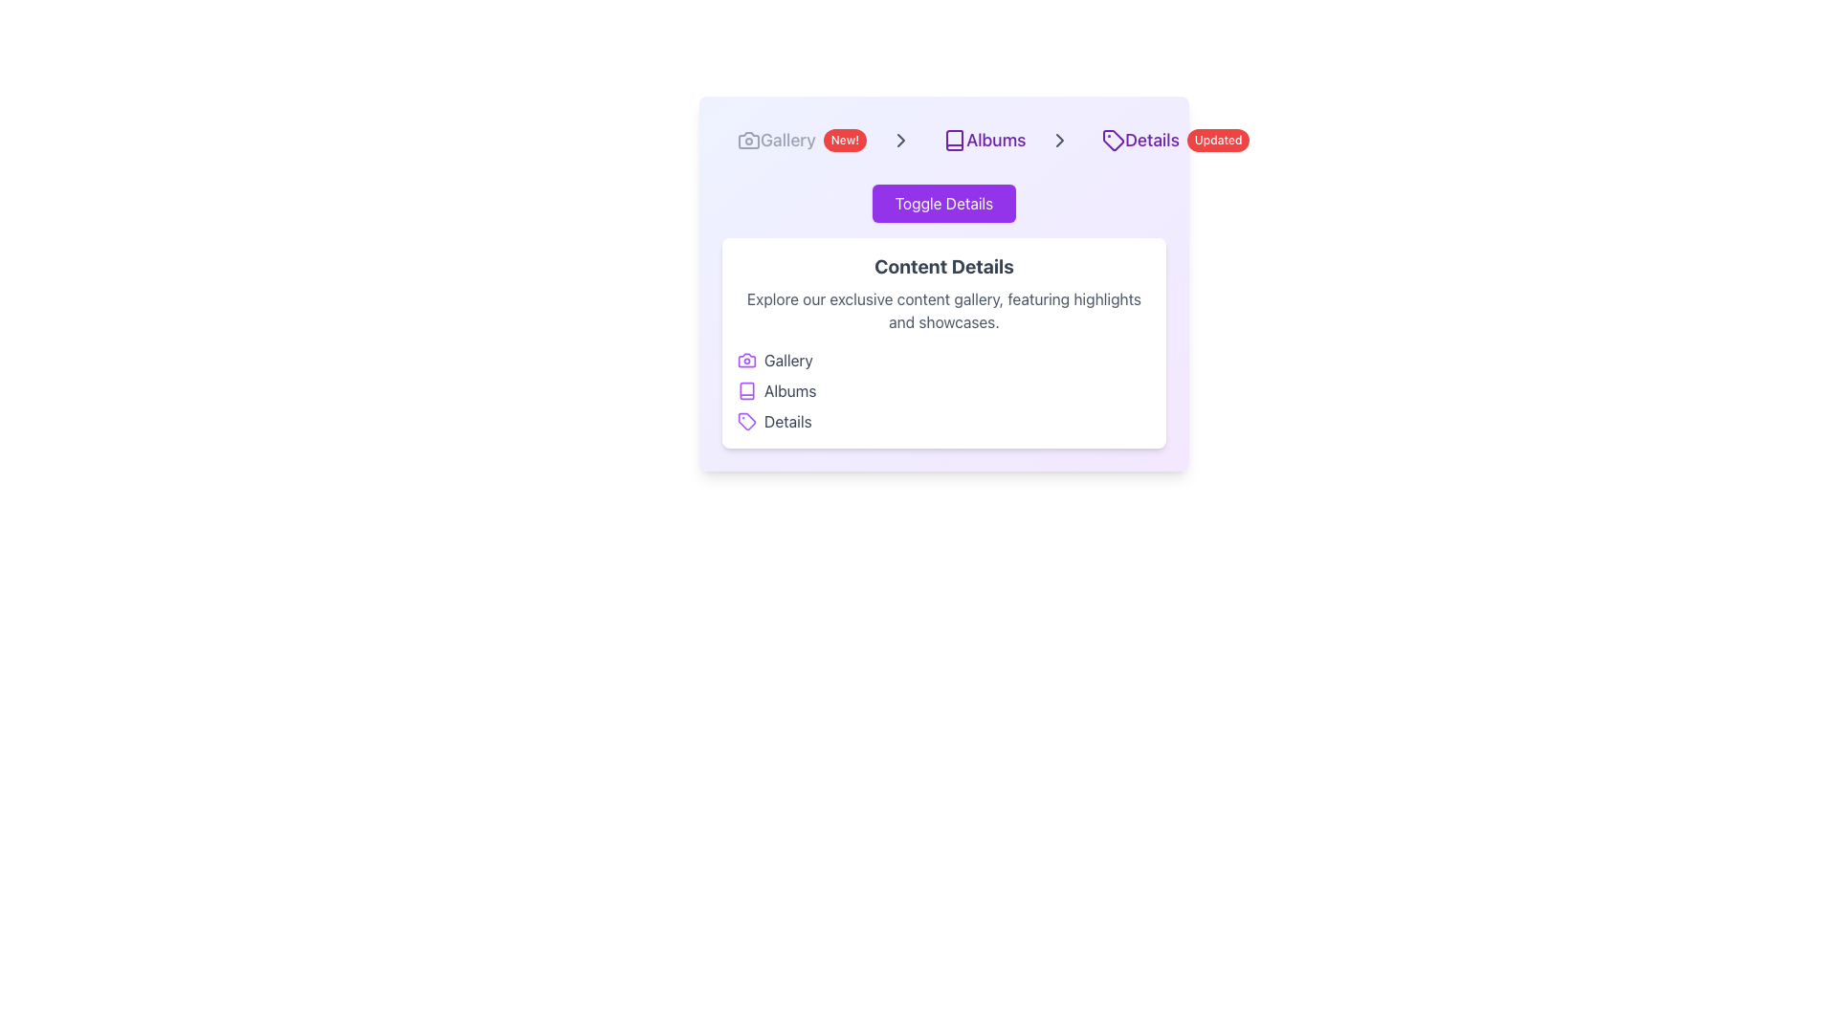  Describe the element at coordinates (1059, 139) in the screenshot. I see `the rightward-pointing chevron arrow icon located immediately to the right of the 'Albums' text in the breadcrumb navigation bar` at that location.